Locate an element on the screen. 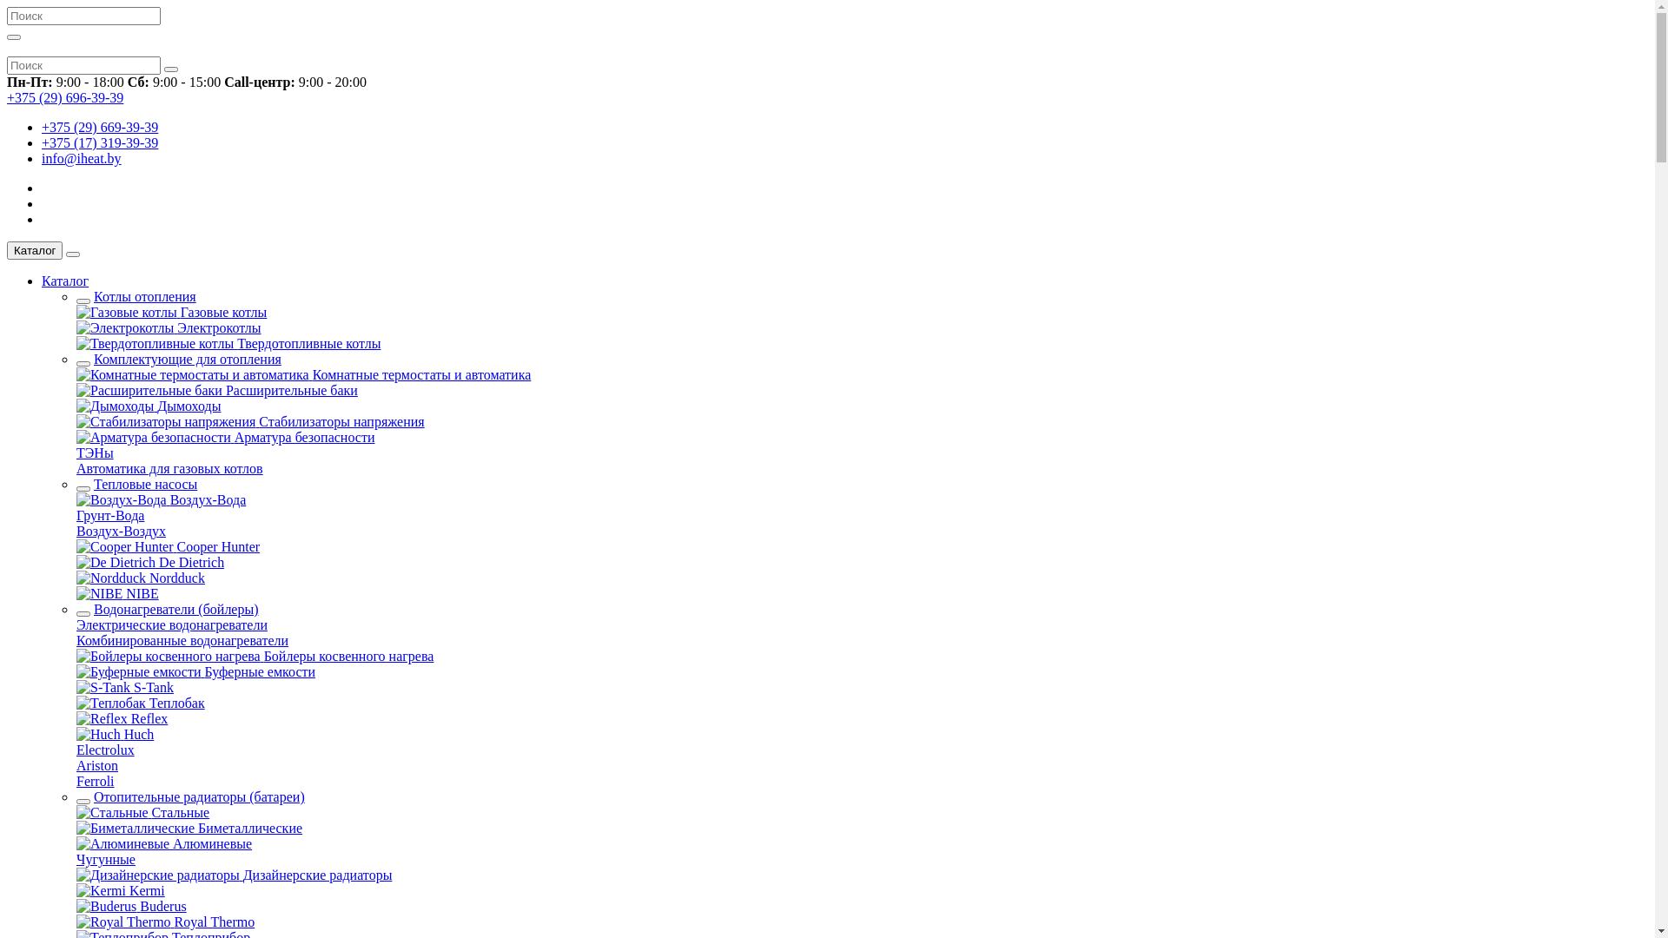 This screenshot has height=938, width=1668. 'Electrolux' is located at coordinates (104, 749).